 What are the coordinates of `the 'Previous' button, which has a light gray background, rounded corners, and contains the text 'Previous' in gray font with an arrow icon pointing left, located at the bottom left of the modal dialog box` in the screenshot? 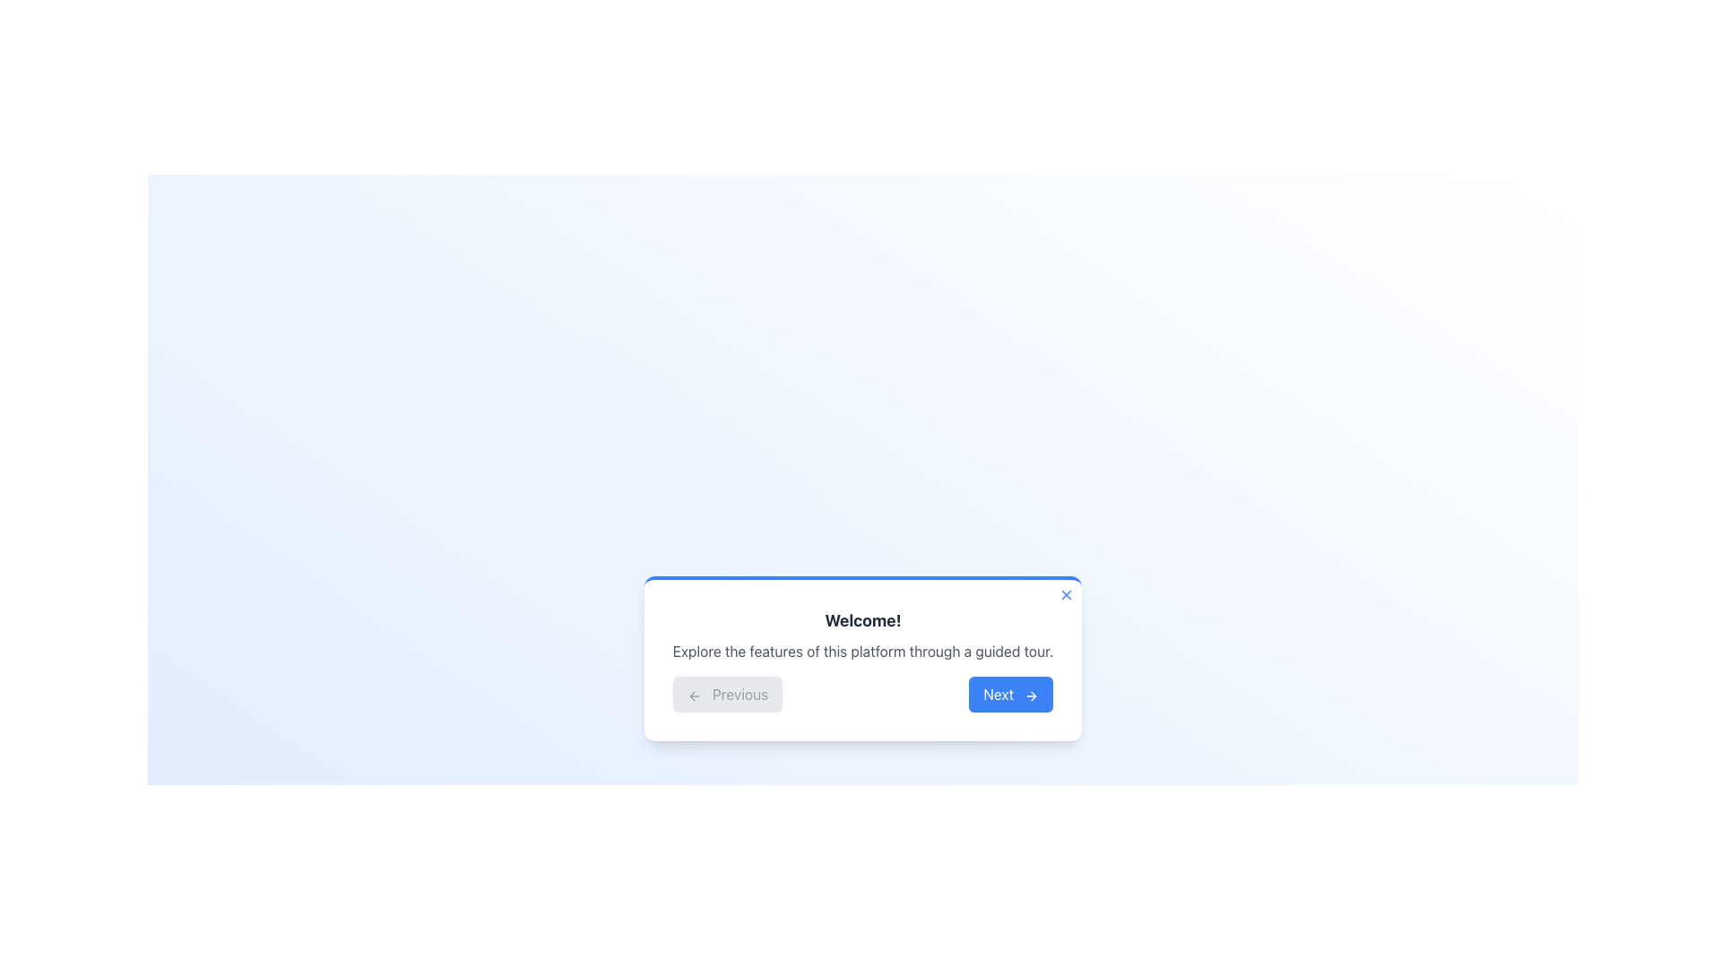 It's located at (727, 694).